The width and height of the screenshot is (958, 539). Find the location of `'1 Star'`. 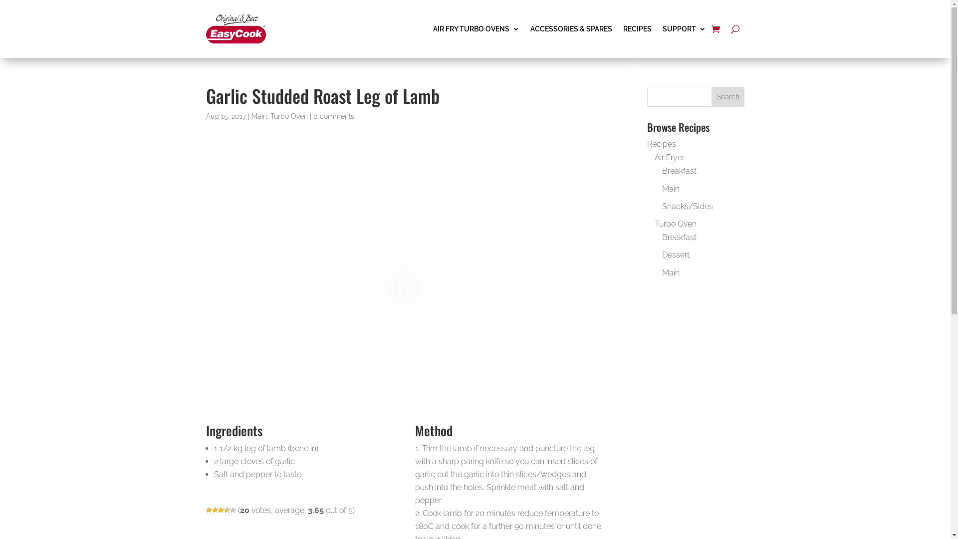

'1 Star' is located at coordinates (208, 510).